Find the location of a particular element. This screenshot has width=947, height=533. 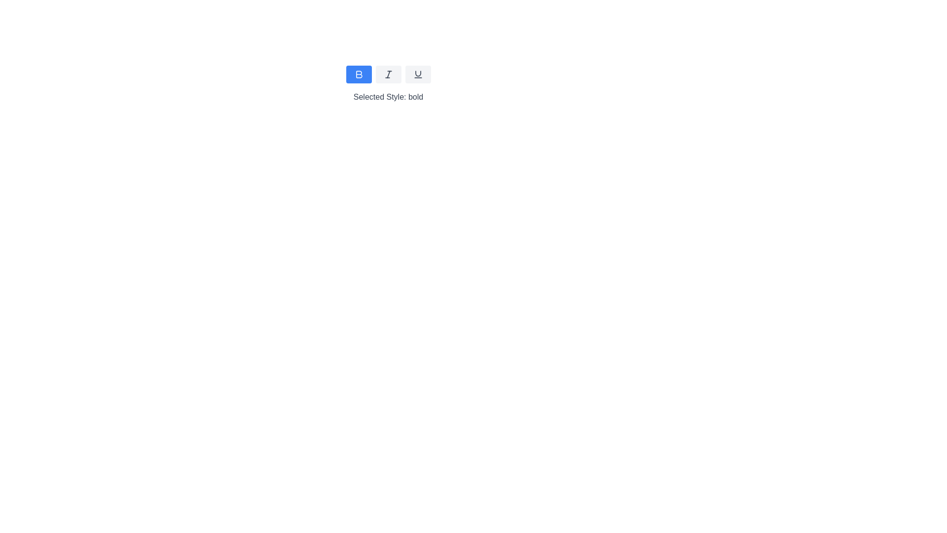

the 'Italic' button to select the italic style is located at coordinates (388, 74).